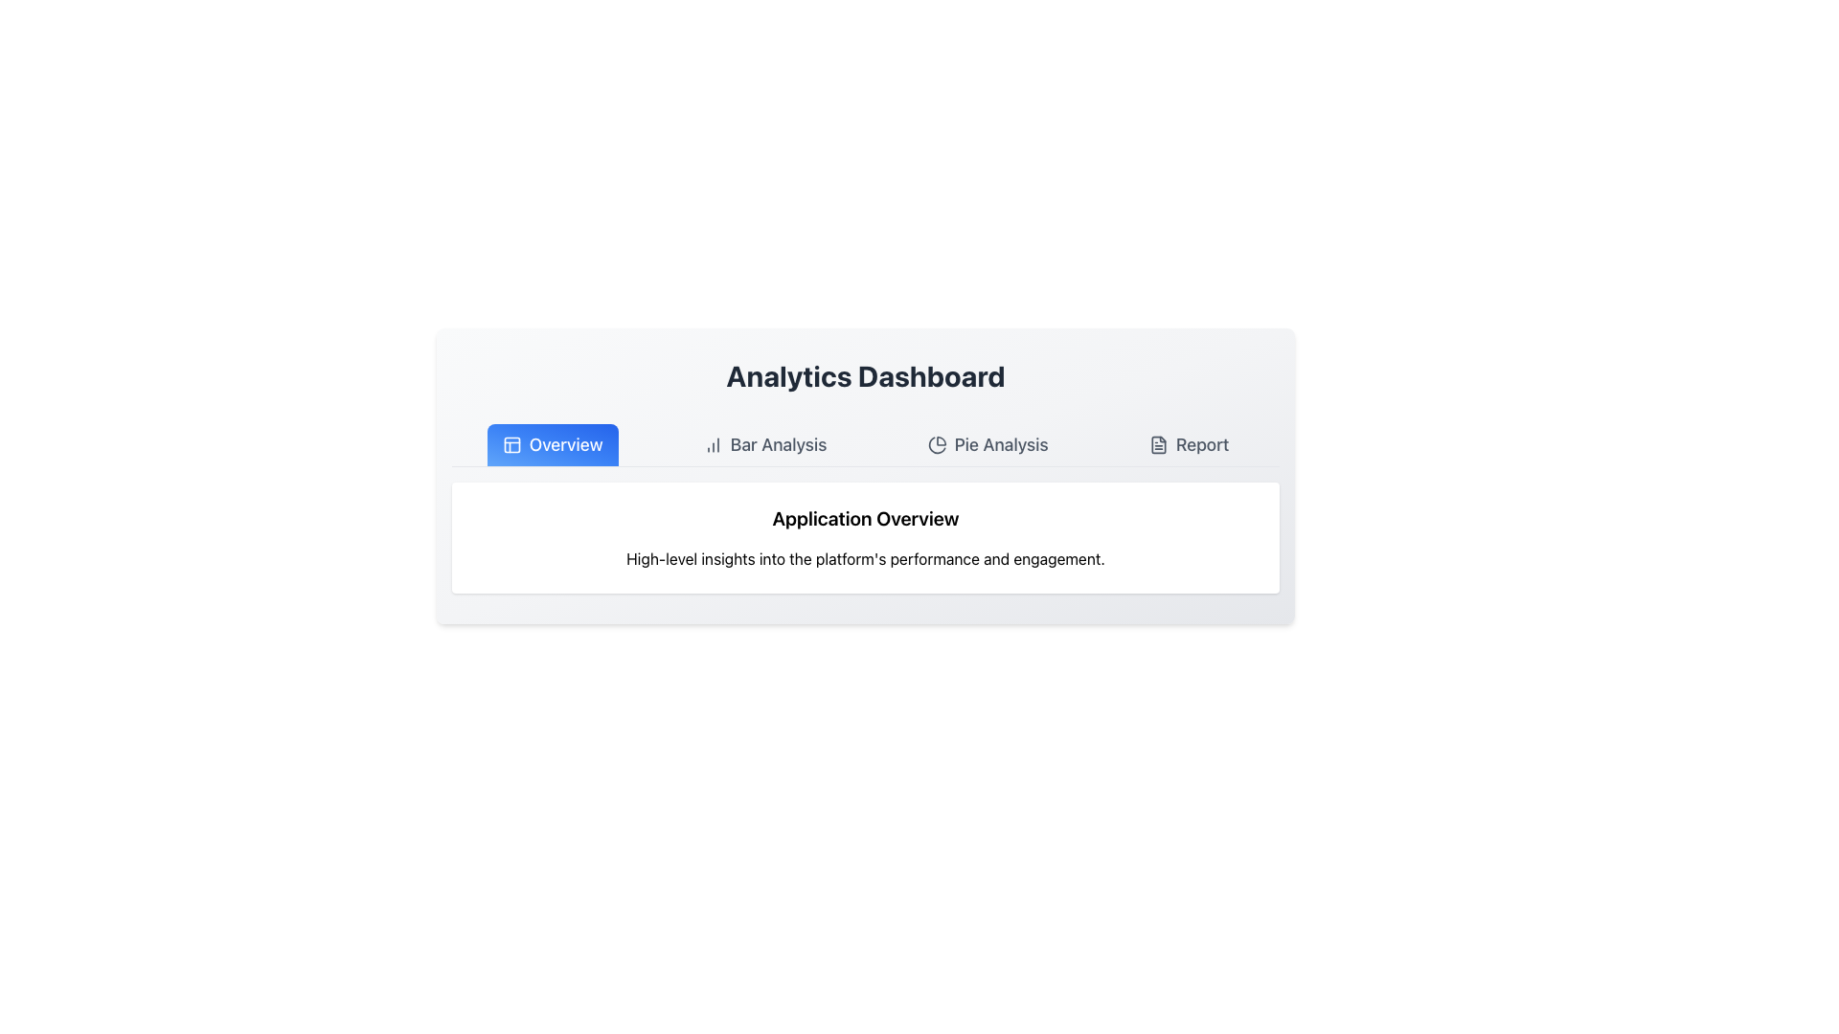 Image resolution: width=1839 pixels, height=1034 pixels. Describe the element at coordinates (511, 445) in the screenshot. I see `the 'Overview' button, which is indicated by the icon representing a dashboard or summary view, located in the navigation bar below 'Analytics Dashboard'` at that location.